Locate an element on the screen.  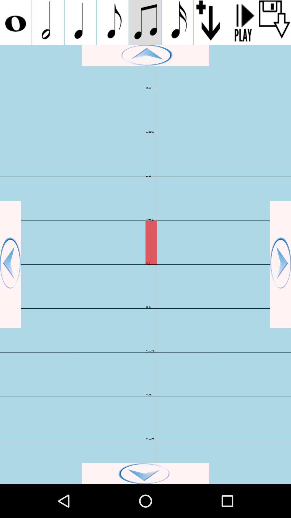
scroll back is located at coordinates (11, 264).